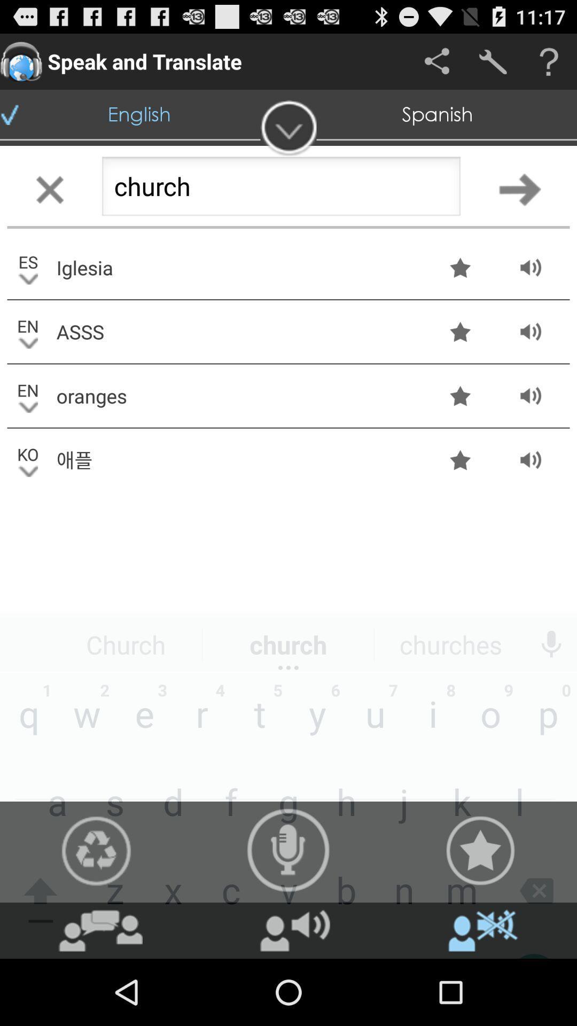 This screenshot has height=1026, width=577. I want to click on the share icon, so click(436, 61).